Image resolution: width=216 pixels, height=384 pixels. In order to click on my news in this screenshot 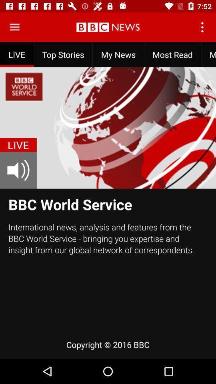, I will do `click(118, 54)`.